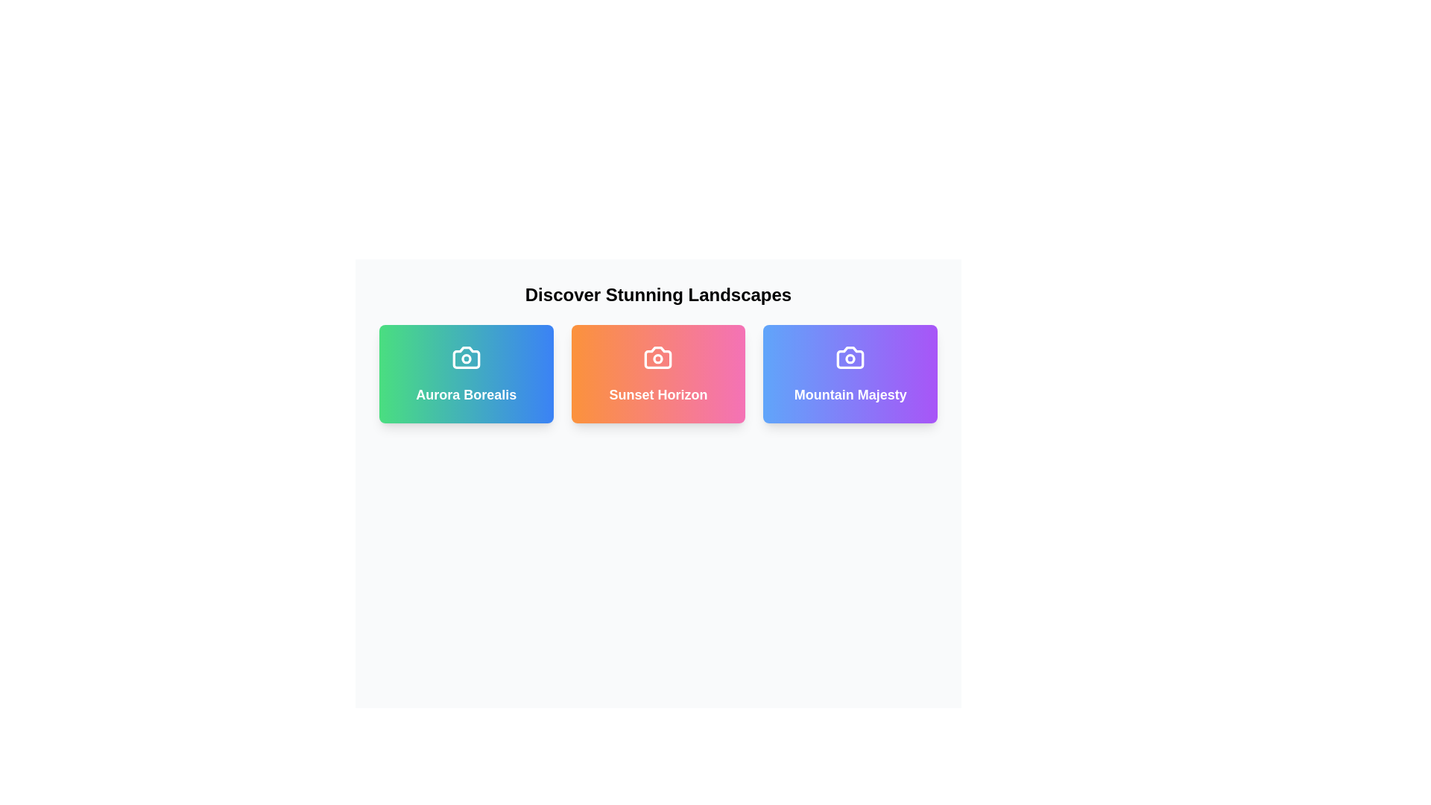 This screenshot has height=805, width=1431. What do you see at coordinates (465, 373) in the screenshot?
I see `the leftmost interactive card labeled 'Aurora Borealis'` at bounding box center [465, 373].